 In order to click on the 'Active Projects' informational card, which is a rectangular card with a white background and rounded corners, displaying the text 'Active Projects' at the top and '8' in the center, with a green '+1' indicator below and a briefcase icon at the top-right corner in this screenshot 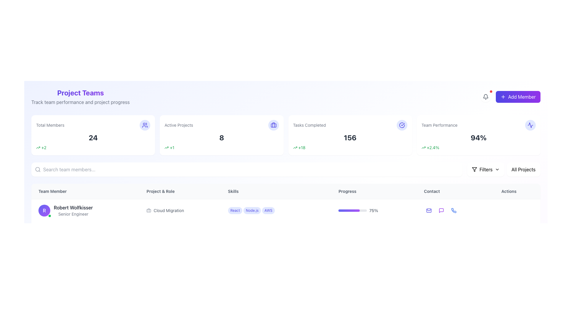, I will do `click(221, 135)`.